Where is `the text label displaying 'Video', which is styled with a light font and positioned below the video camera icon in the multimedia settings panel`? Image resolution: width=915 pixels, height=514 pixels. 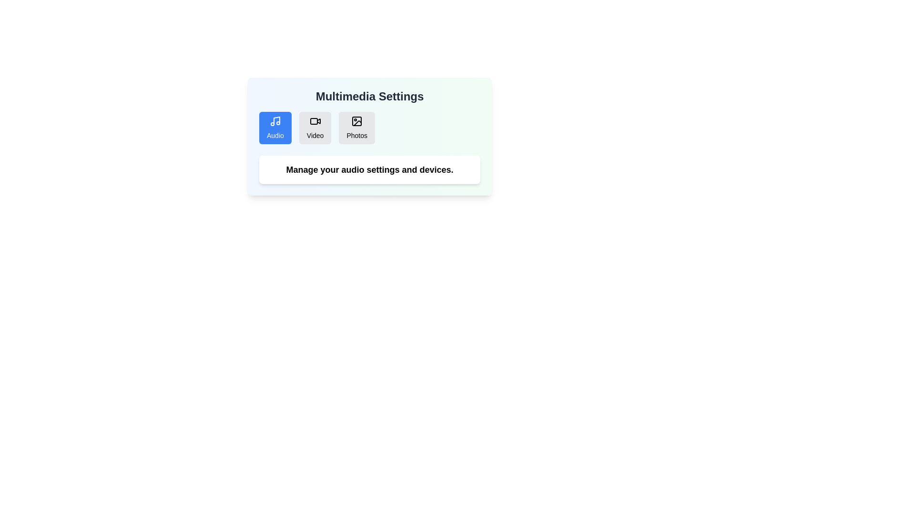 the text label displaying 'Video', which is styled with a light font and positioned below the video camera icon in the multimedia settings panel is located at coordinates (315, 136).